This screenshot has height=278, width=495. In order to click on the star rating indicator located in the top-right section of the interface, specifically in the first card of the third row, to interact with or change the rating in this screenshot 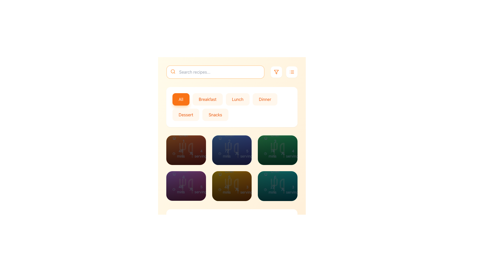, I will do `click(283, 156)`.